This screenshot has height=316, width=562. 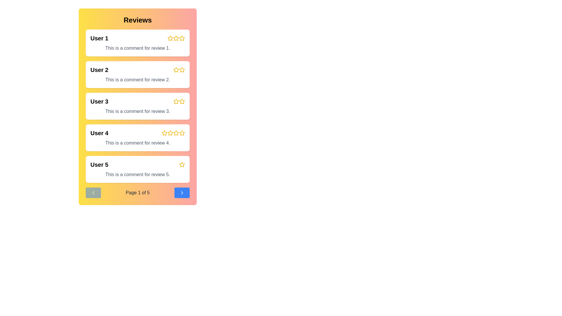 What do you see at coordinates (137, 174) in the screenshot?
I see `the Text display field that shows the comment associated with the review by 'User 5', located in the last review card of the vertically stacked list` at bounding box center [137, 174].